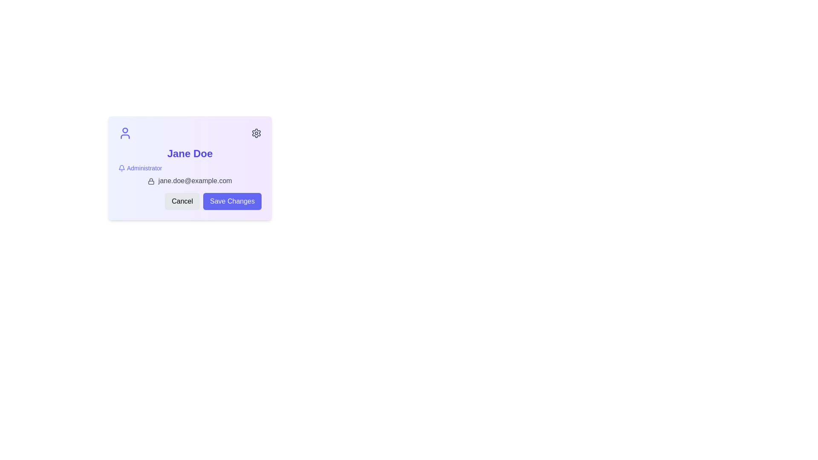 Image resolution: width=818 pixels, height=460 pixels. What do you see at coordinates (190, 180) in the screenshot?
I see `the static text displaying the user's email address, which is indicated by a lock icon and is located below the role designation 'Administrator' in the user profile card` at bounding box center [190, 180].